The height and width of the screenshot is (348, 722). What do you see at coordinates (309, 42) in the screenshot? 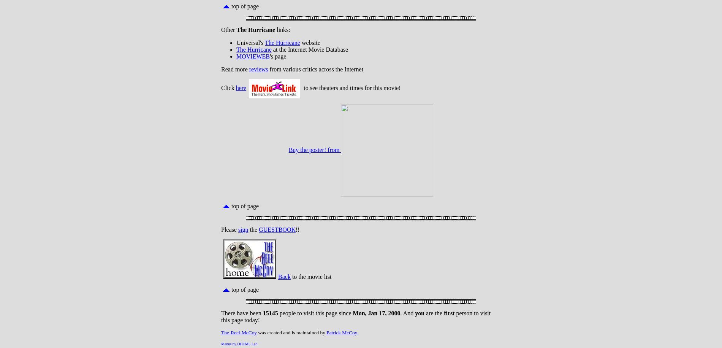
I see `'website'` at bounding box center [309, 42].